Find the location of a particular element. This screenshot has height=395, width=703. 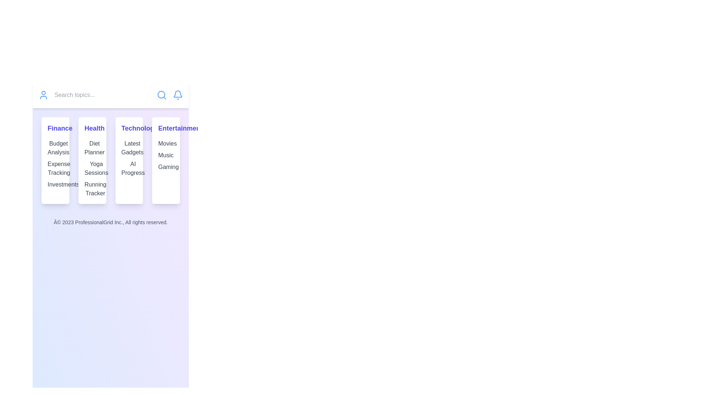

the 'Movies' text label in the Entertainment section, which includes a right arrow icon for navigation is located at coordinates (165, 144).